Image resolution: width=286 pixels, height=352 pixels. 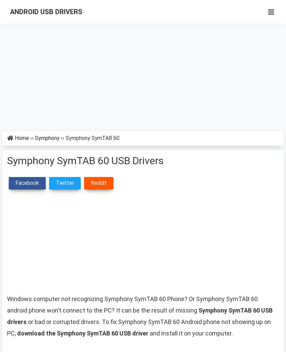 I want to click on 'Android USB Drivers', so click(x=46, y=11).